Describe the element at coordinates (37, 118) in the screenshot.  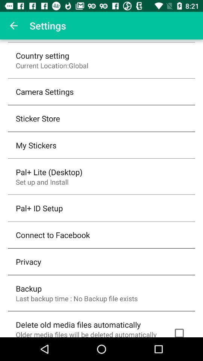
I see `sticker store icon` at that location.